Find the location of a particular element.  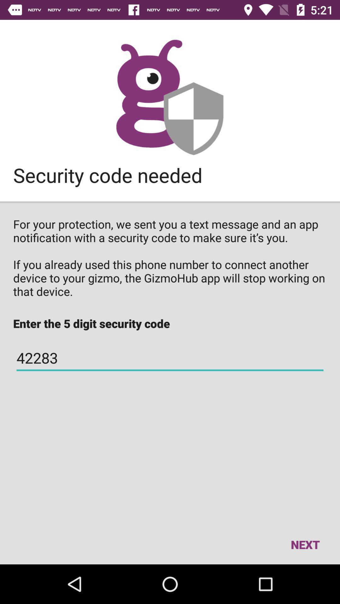

42283 is located at coordinates (170, 358).